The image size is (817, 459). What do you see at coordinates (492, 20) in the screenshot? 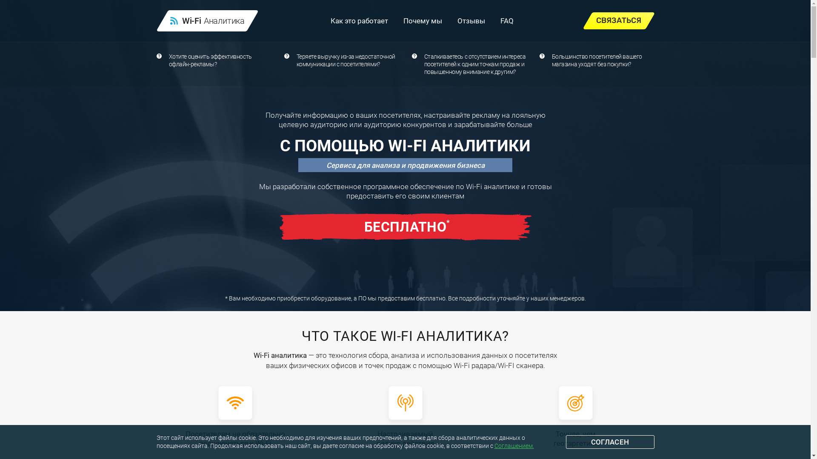
I see `'FAQ'` at bounding box center [492, 20].